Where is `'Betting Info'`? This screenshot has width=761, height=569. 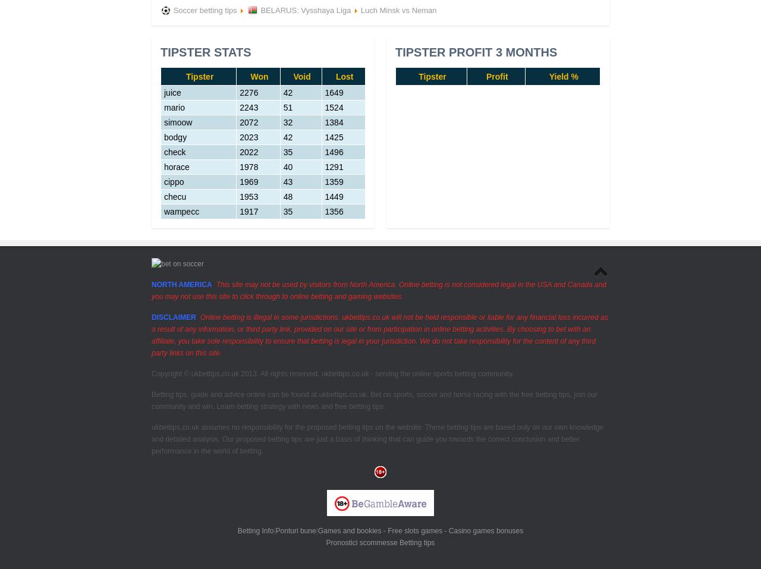 'Betting Info' is located at coordinates (254, 530).